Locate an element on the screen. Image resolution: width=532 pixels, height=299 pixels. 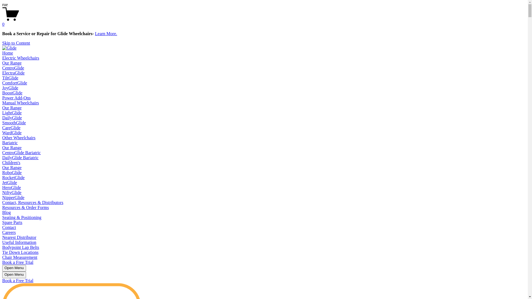
'WardGlide' is located at coordinates (12, 133).